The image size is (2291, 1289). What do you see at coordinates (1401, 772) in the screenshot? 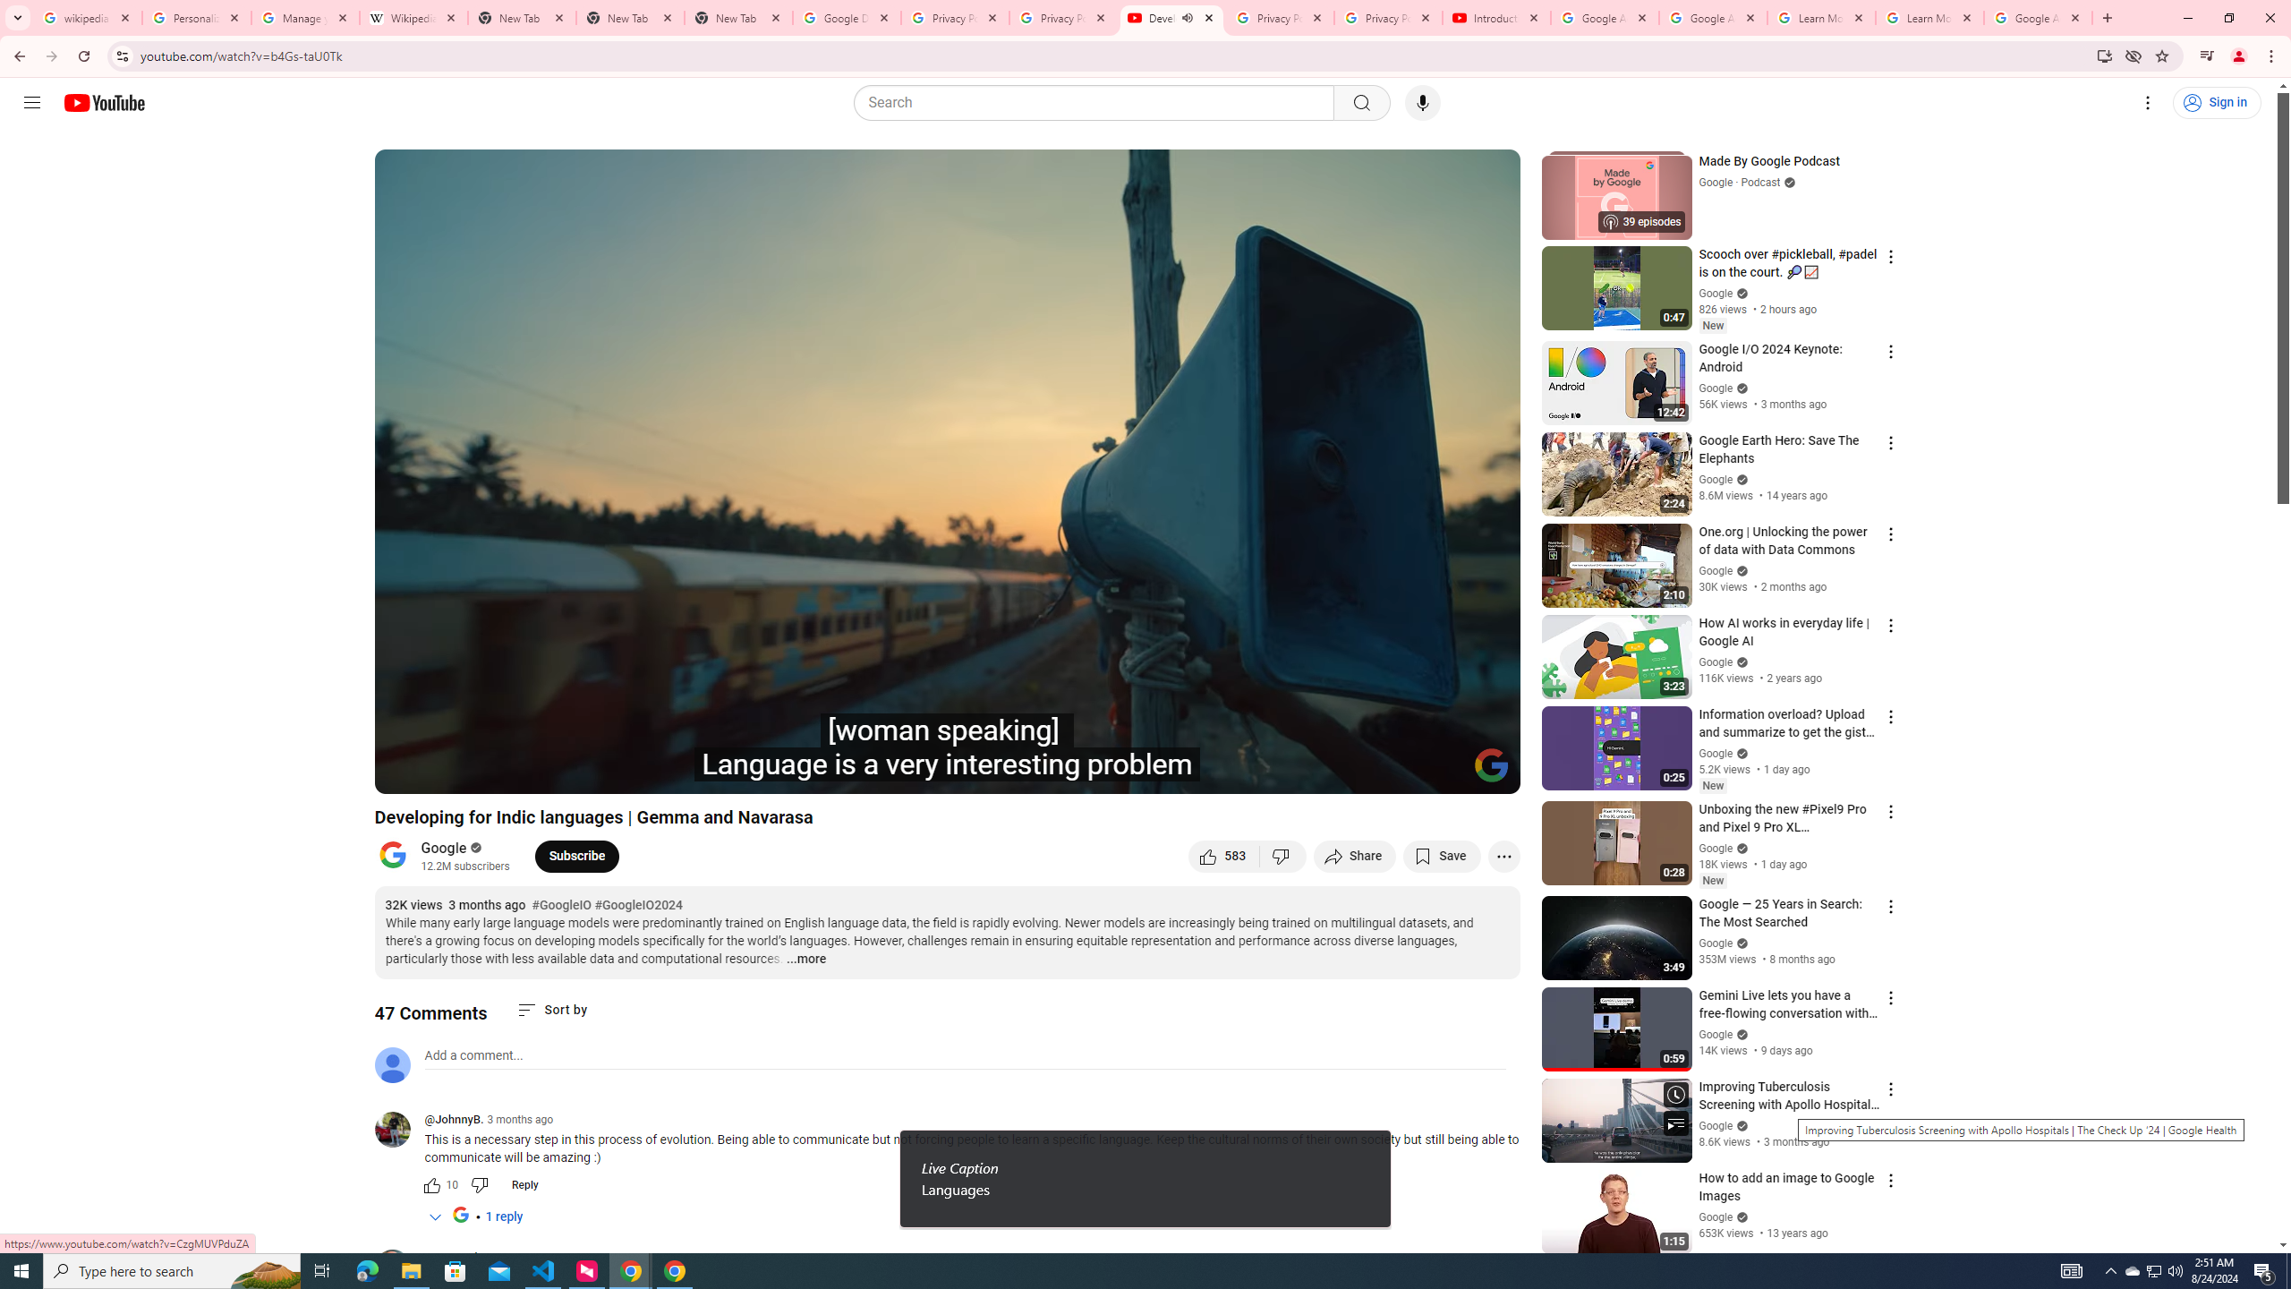
I see `'Miniplayer (i)'` at bounding box center [1401, 772].